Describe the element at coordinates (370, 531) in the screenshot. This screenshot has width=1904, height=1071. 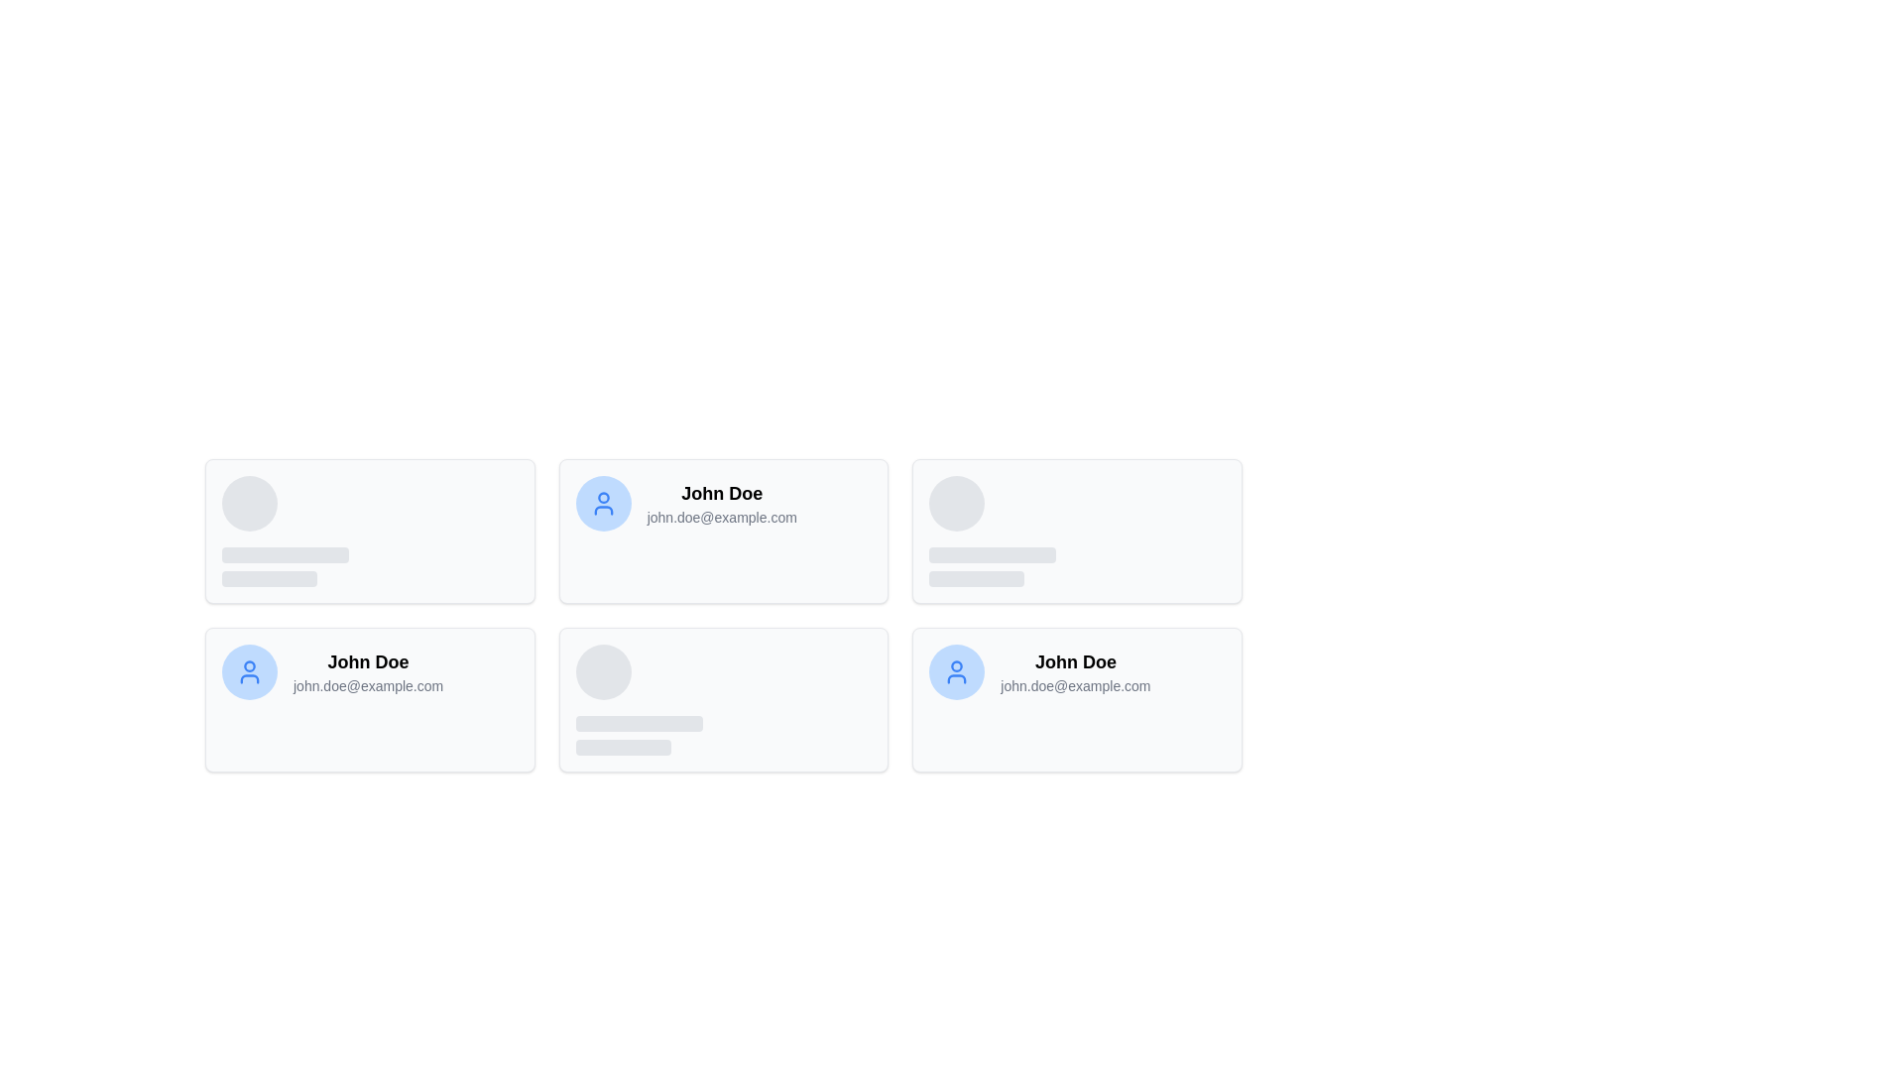
I see `Card placeholder element located in the upper left corner of the grid layout by clicking on it` at that location.